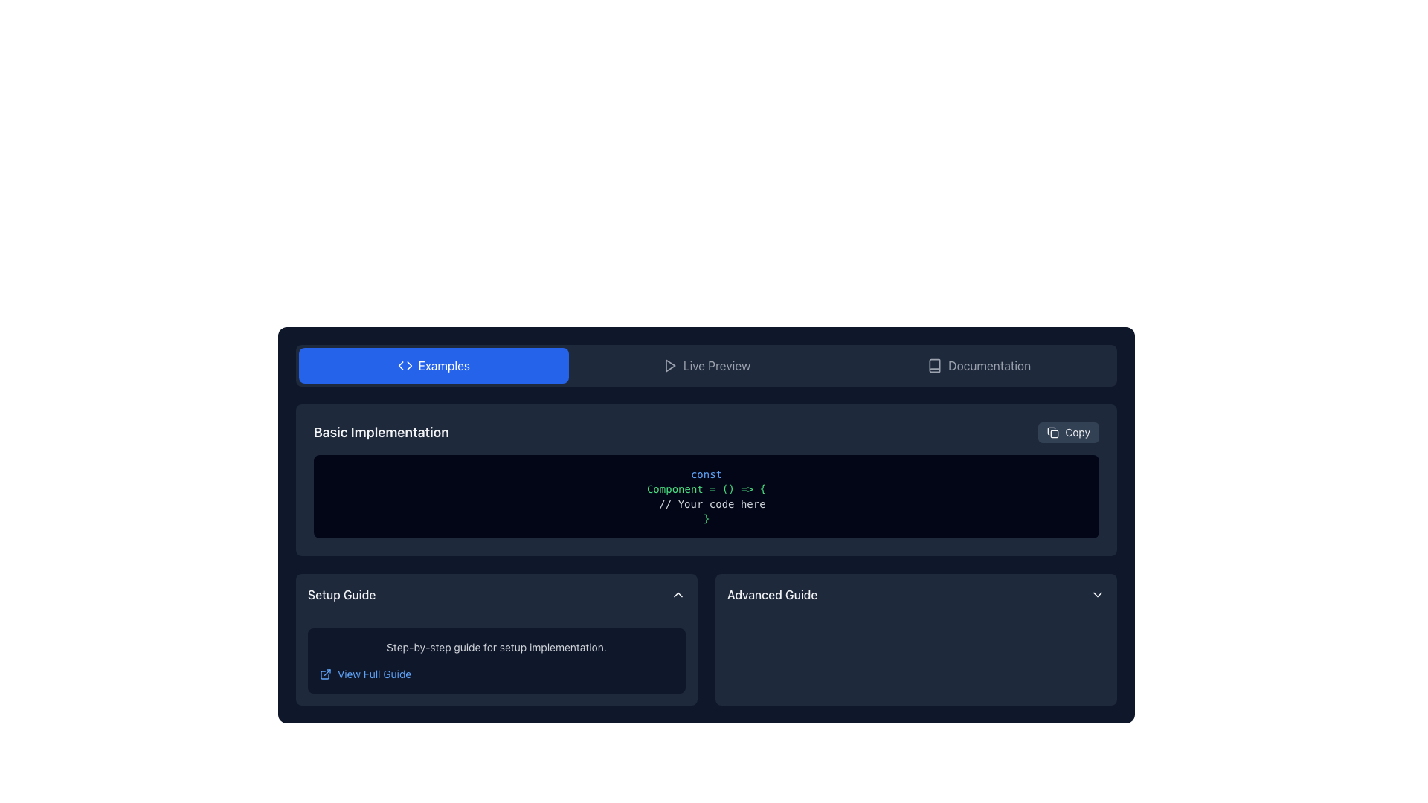  I want to click on the 'Copy' button with a dark slate background and rounded corners located in the top-right corner of the 'Basic Implementation' section to copy content, so click(1068, 433).